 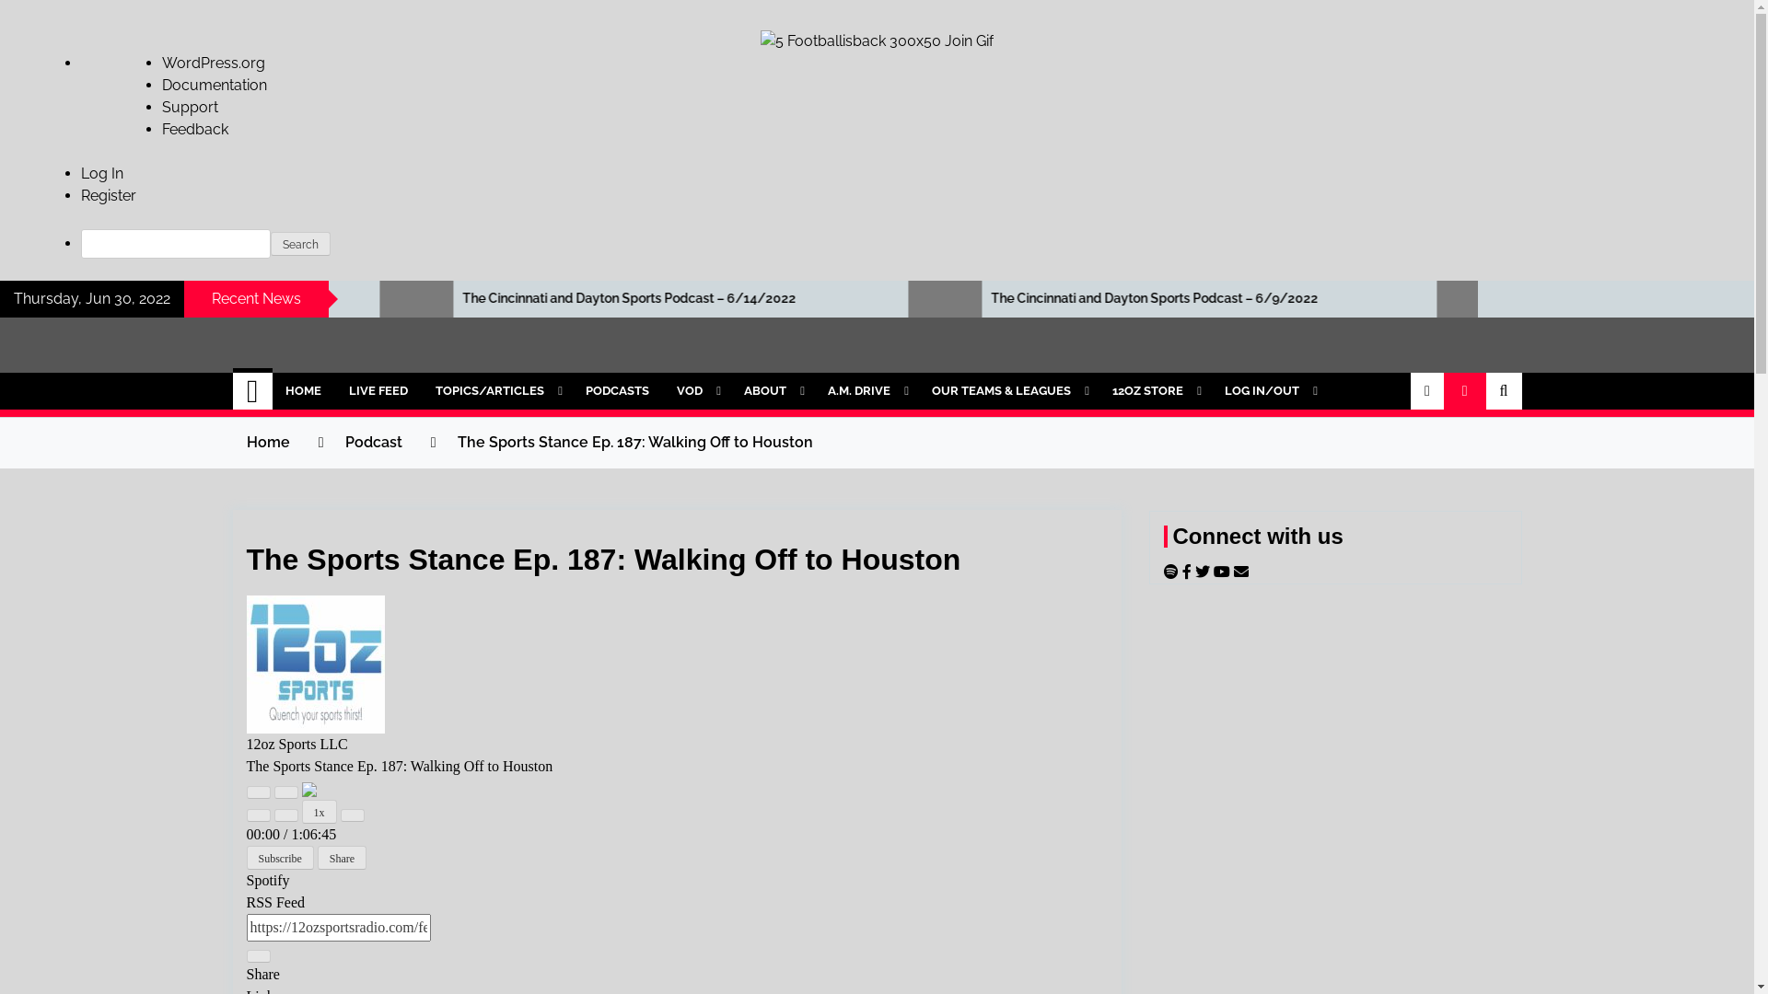 What do you see at coordinates (1189, 571) in the screenshot?
I see `'12oz Sports Network on Facebook'` at bounding box center [1189, 571].